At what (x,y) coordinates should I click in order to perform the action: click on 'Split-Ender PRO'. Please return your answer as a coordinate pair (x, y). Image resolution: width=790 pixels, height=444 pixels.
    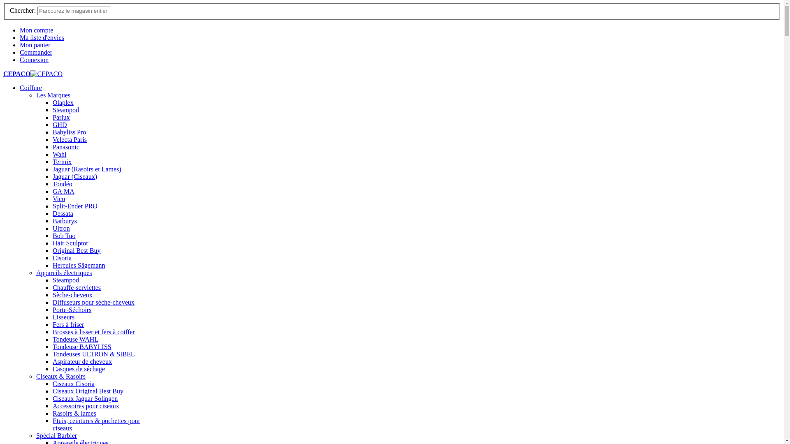
    Looking at the image, I should click on (75, 206).